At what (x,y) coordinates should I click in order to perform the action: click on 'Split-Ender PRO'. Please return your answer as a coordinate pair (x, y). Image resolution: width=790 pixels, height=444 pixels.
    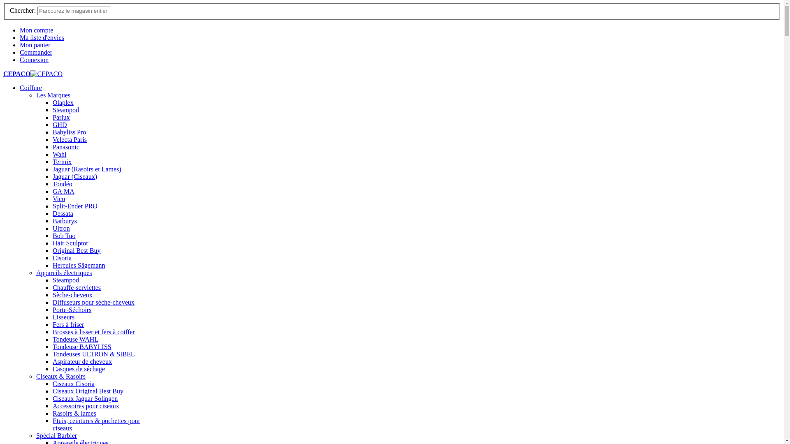
    Looking at the image, I should click on (75, 206).